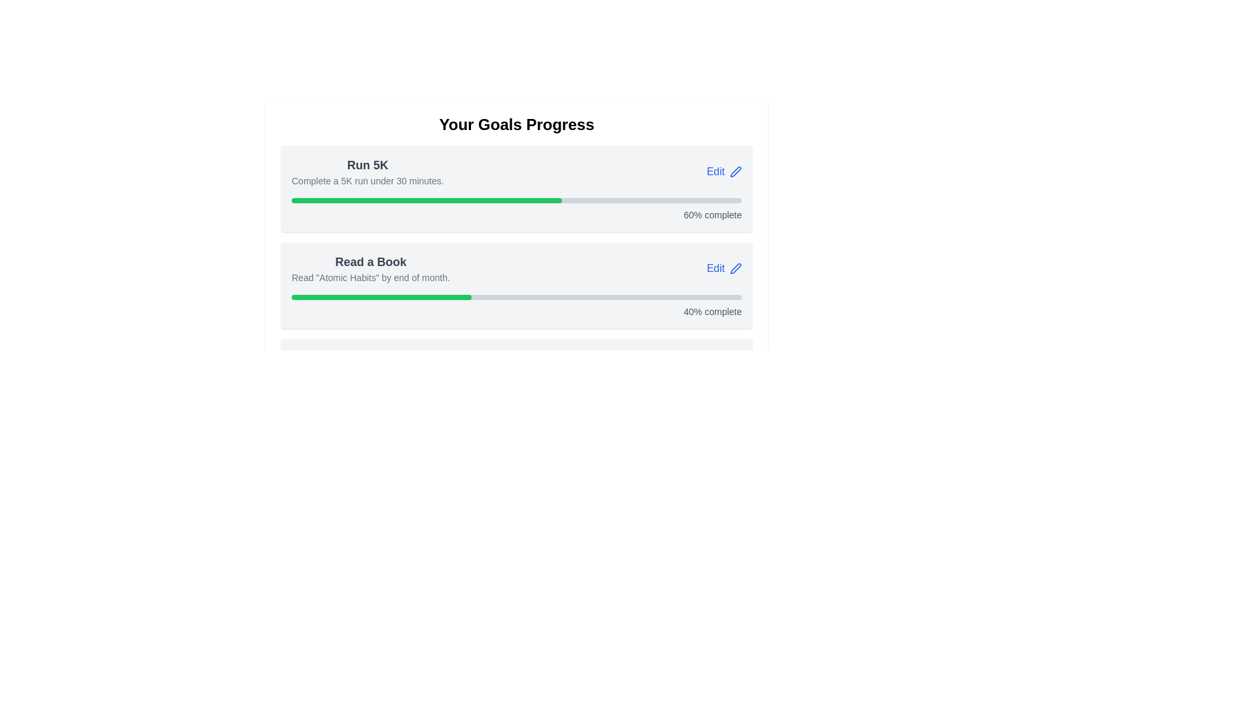 The image size is (1256, 706). Describe the element at coordinates (367, 181) in the screenshot. I see `the non-interactive text element that provides additional information related to the 'Run 5K' task, positioned below the title and above the progress bar` at that location.